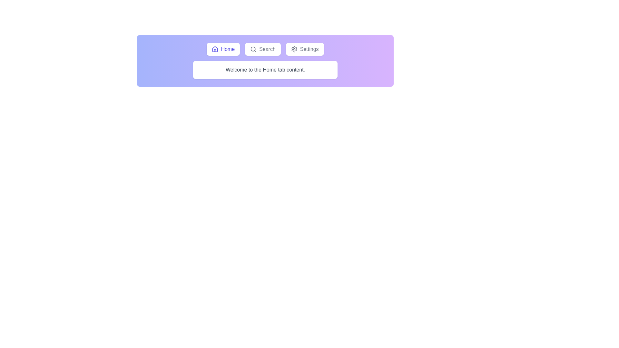 The height and width of the screenshot is (348, 619). I want to click on the text label displaying 'Welcome to the Home tab content.' which is centered within a white rectangular box below the navigation bar, so click(265, 70).